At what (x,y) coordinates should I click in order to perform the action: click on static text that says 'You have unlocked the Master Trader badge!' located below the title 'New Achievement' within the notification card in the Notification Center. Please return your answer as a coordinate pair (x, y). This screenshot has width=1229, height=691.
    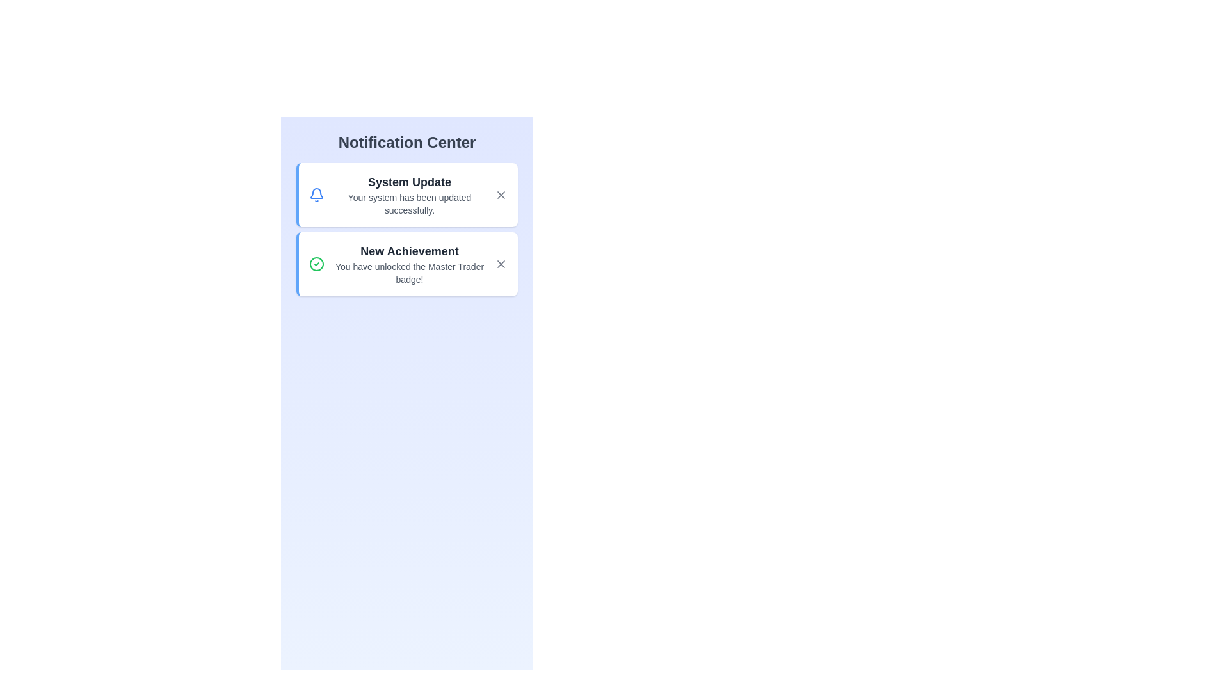
    Looking at the image, I should click on (408, 273).